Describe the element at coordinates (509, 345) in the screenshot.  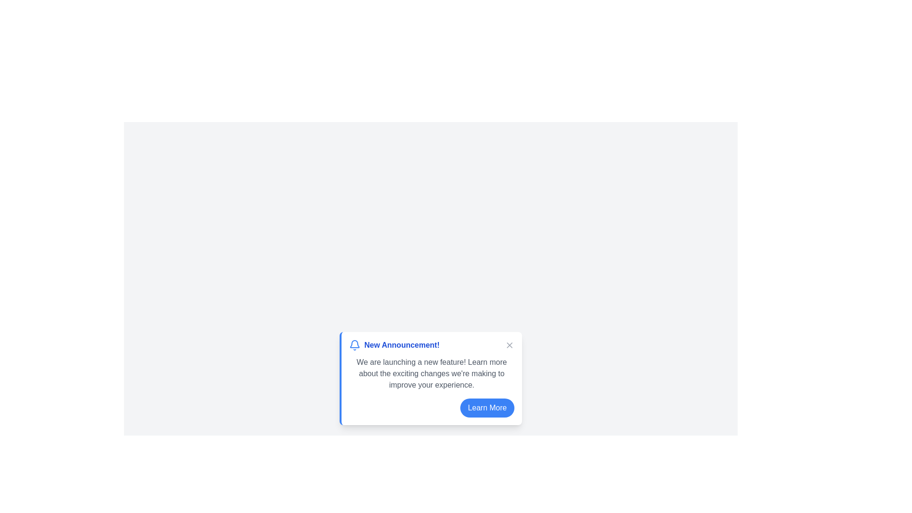
I see `the close button to dismiss the notification` at that location.